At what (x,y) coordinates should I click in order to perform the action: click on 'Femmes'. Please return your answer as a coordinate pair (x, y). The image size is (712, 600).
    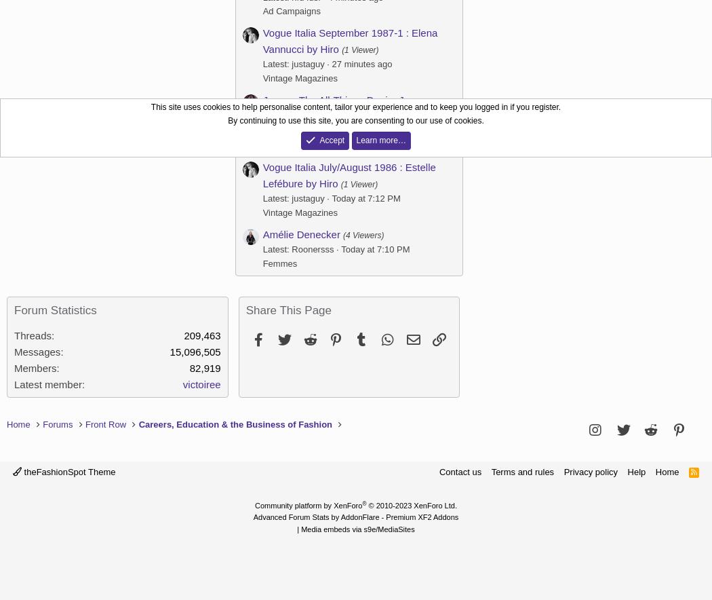
    Looking at the image, I should click on (279, 263).